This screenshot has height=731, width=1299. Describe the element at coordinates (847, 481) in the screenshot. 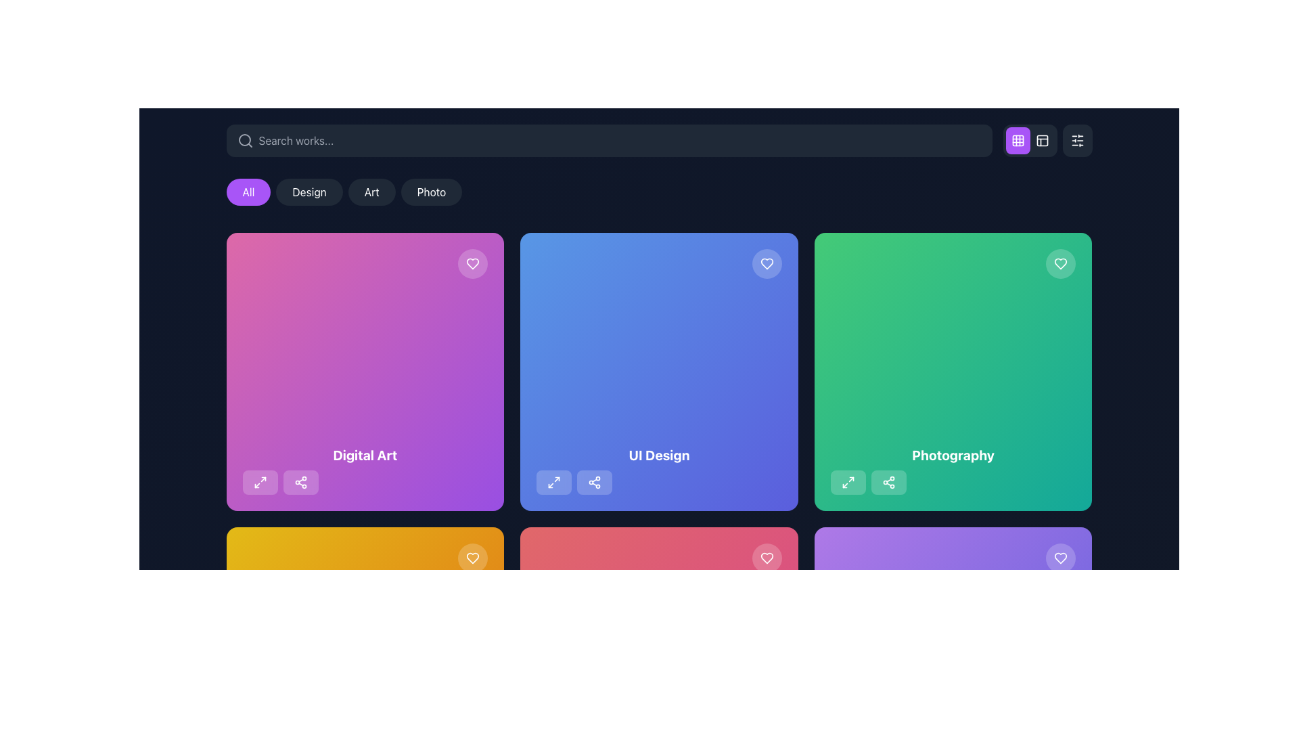

I see `the maximize icon styled as two diagonal arrows pointing outward, located in the bottom-left corner of the green card labeled 'Photography', to maximize or expand the associated item` at that location.